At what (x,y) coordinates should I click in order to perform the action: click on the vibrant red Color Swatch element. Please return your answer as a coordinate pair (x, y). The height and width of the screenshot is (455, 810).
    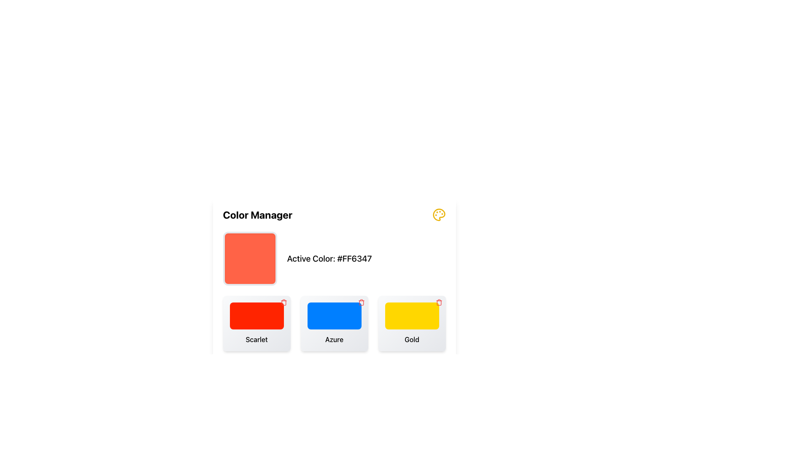
    Looking at the image, I should click on (256, 316).